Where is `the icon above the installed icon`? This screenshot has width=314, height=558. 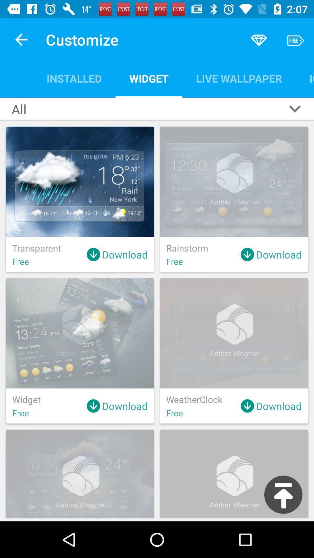 the icon above the installed icon is located at coordinates (21, 39).